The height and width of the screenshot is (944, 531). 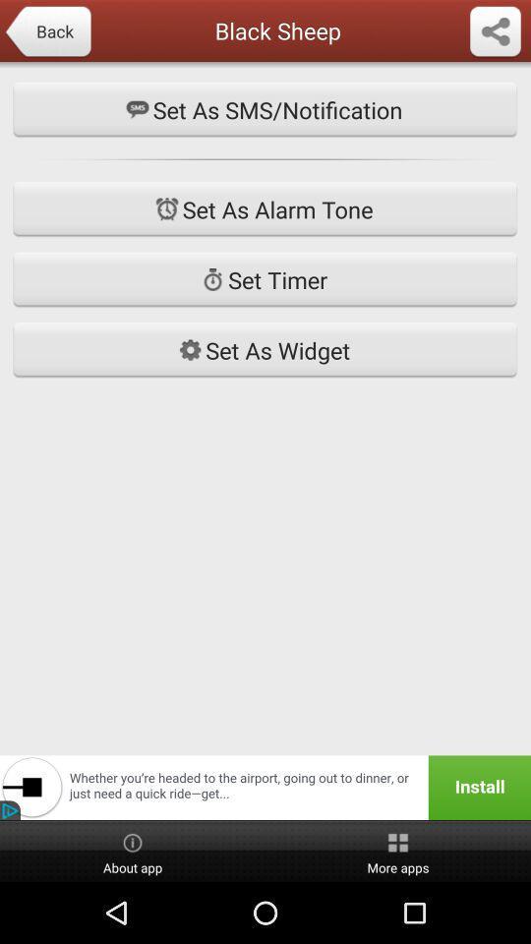 I want to click on the button to the left of more apps item, so click(x=133, y=851).